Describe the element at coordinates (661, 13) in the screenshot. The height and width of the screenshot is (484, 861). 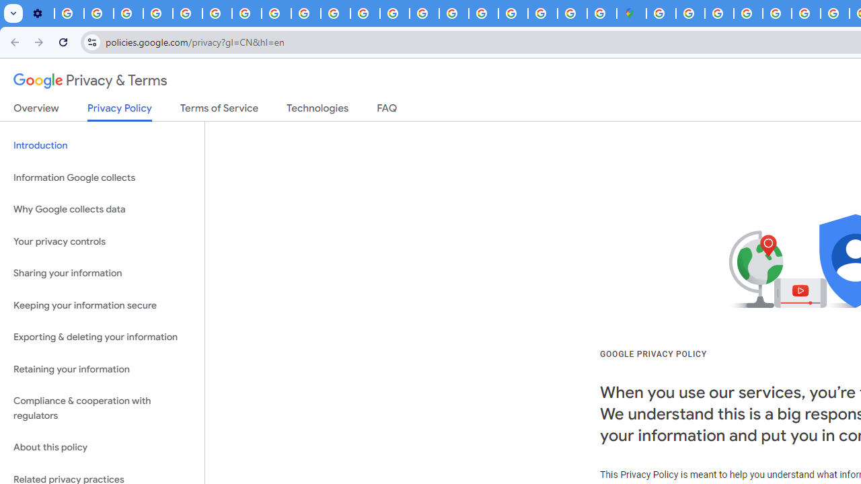
I see `'Sign in - Google Accounts'` at that location.